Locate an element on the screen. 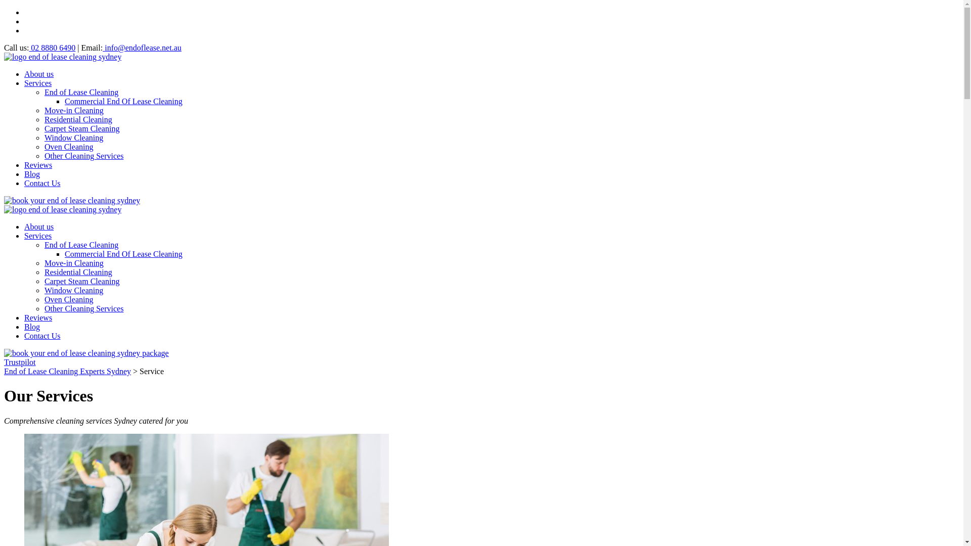  'Window Cleaning' is located at coordinates (73, 290).